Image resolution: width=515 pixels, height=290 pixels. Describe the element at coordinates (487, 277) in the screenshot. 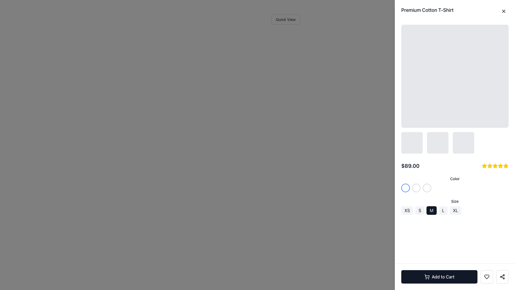

I see `the heart icon button located at the bottom-right area of the interface to mark the item as favorite` at that location.